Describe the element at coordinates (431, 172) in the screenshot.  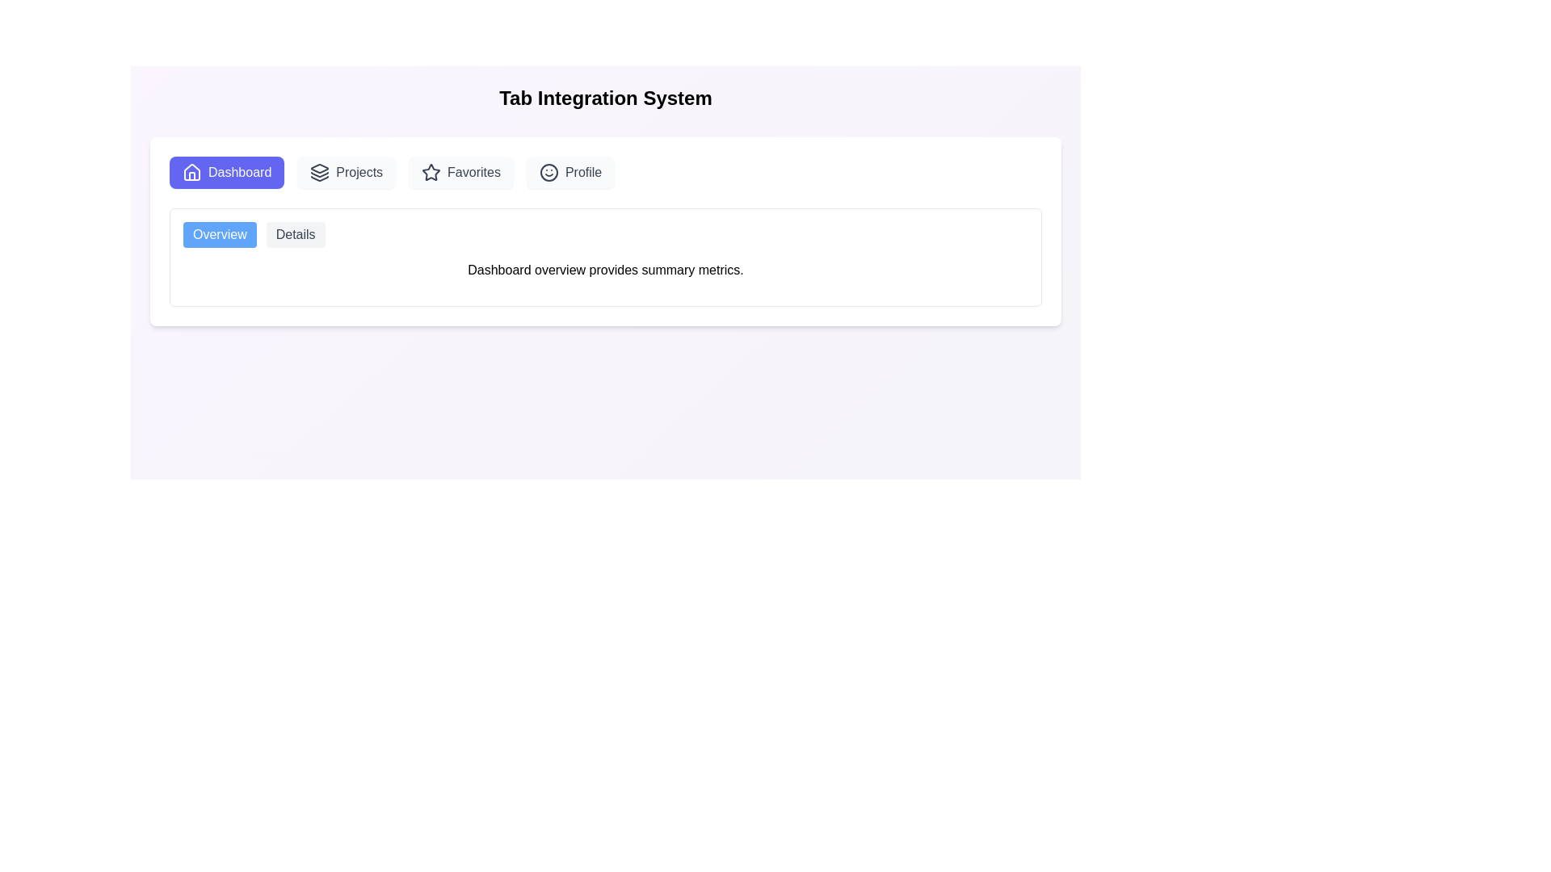
I see `the star-shaped icon associated with the 'Favorites' button` at that location.